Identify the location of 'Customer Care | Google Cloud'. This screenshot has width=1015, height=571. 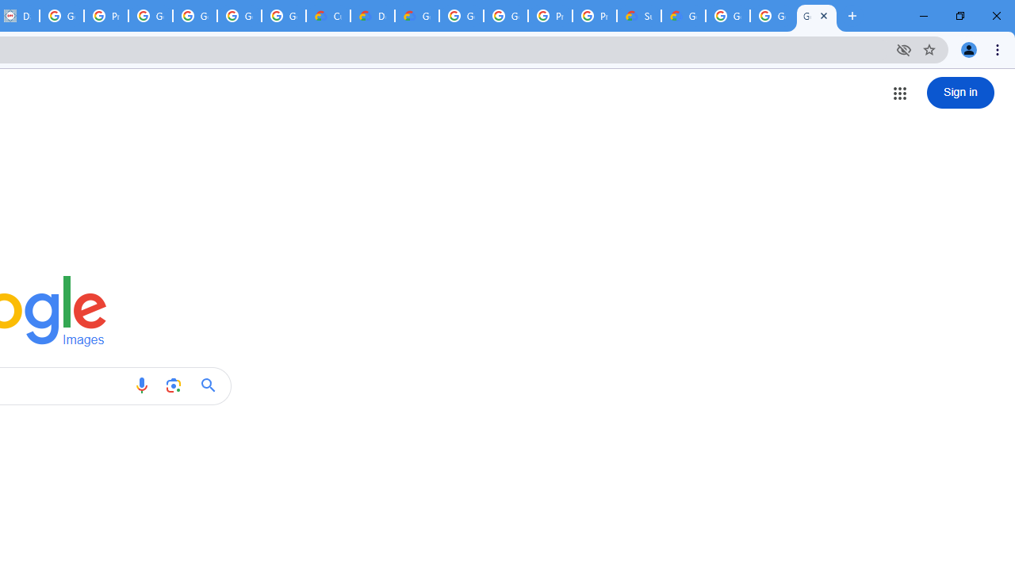
(327, 16).